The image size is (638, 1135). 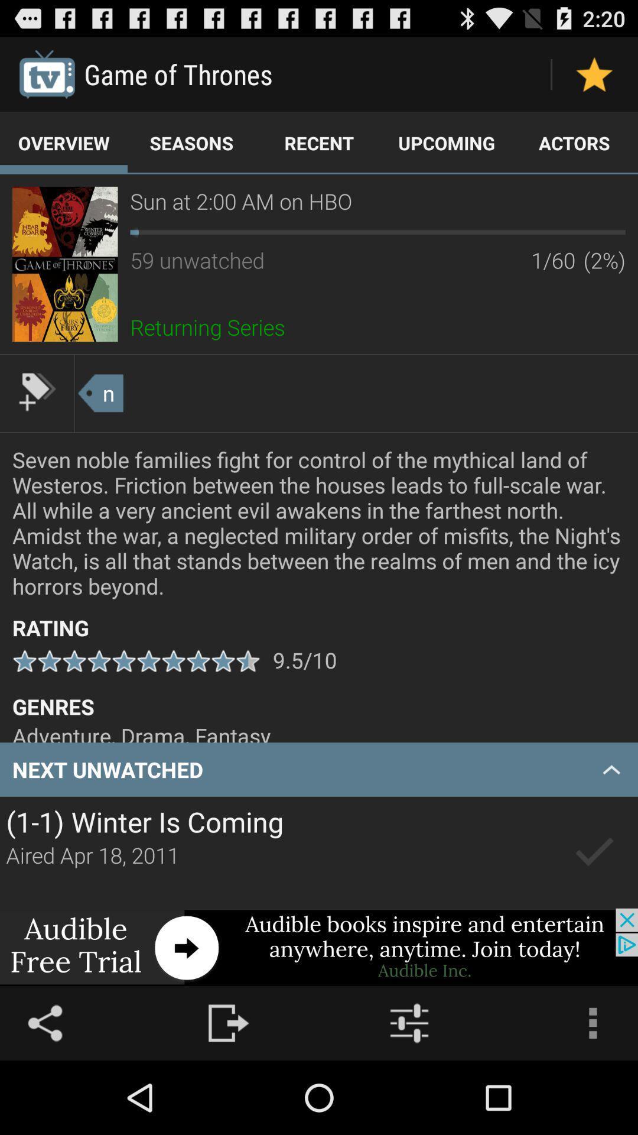 I want to click on to favorites, so click(x=594, y=73).